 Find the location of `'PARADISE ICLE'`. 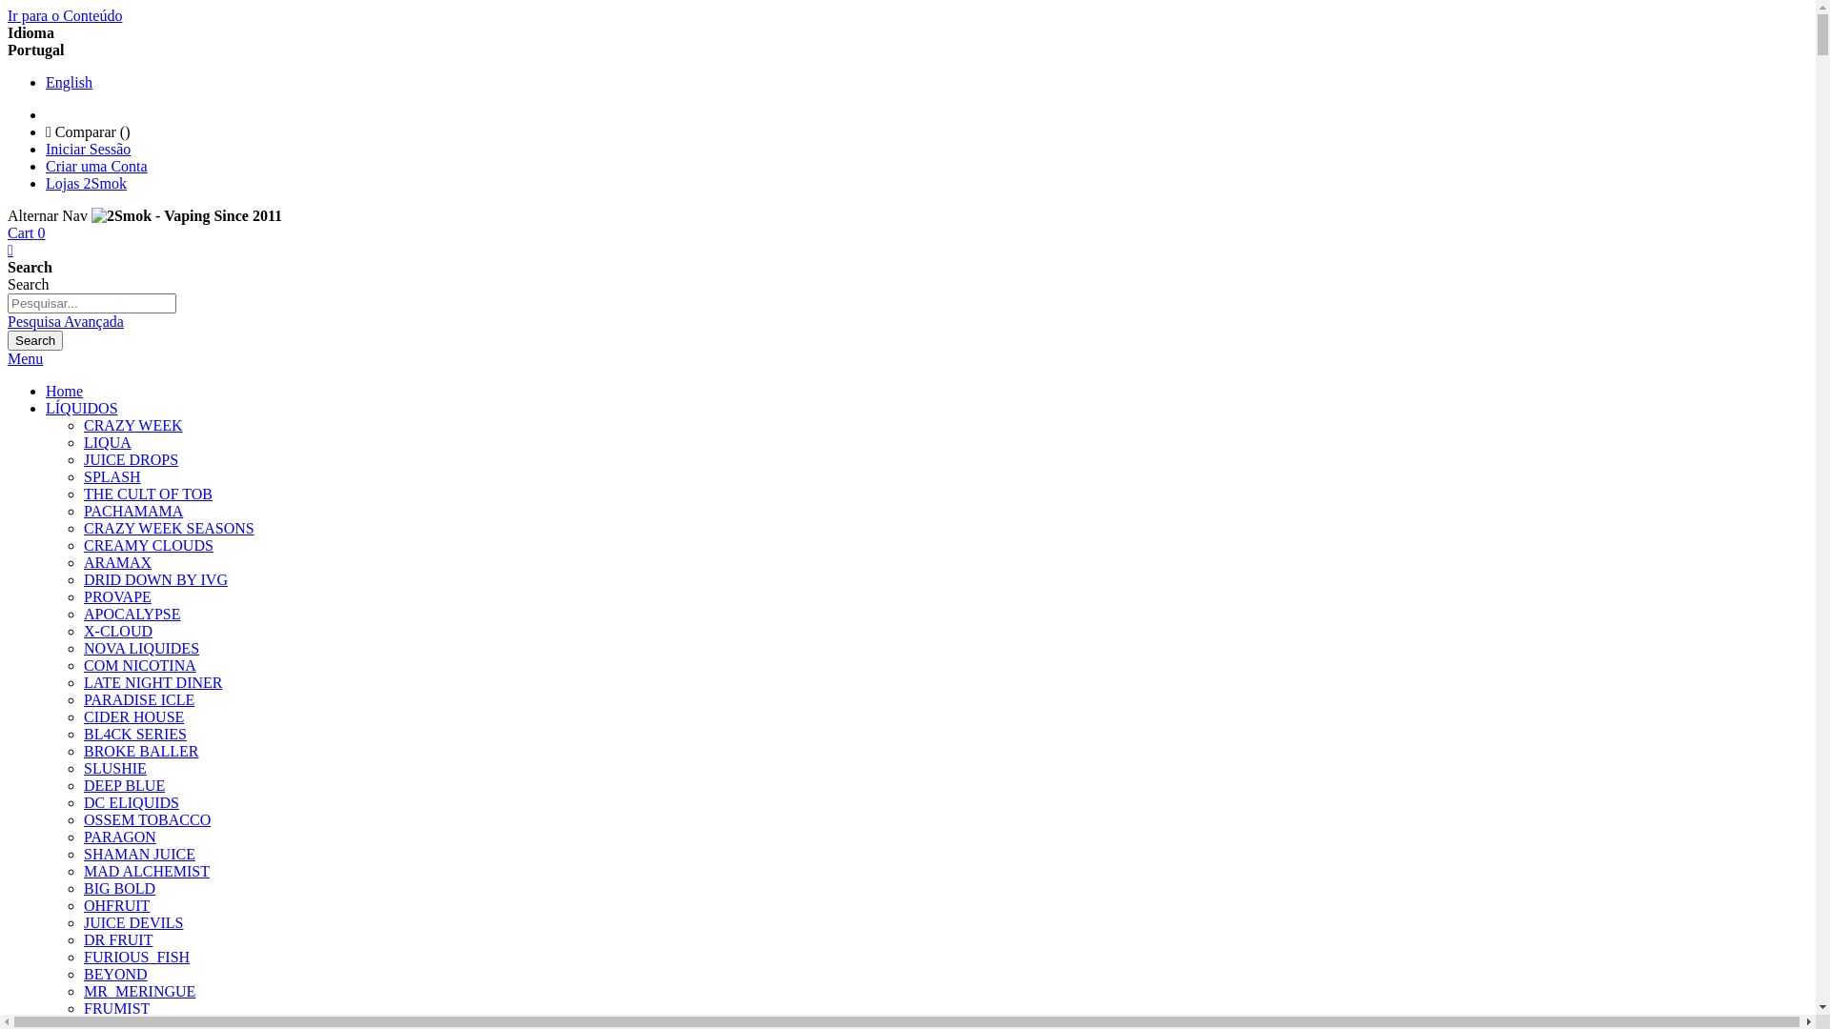

'PARADISE ICLE' is located at coordinates (137, 699).